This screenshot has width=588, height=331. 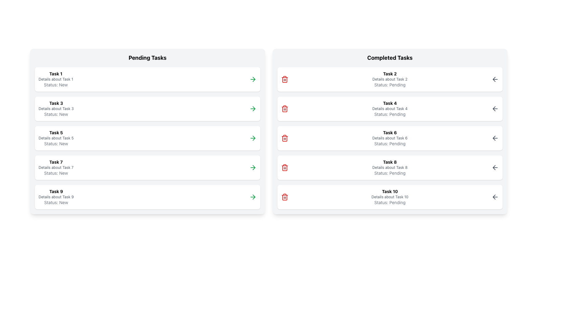 I want to click on text content of the text label that reads 'Details about Task 9', located in the last task block of the 'Pending Tasks' column, so click(x=56, y=197).